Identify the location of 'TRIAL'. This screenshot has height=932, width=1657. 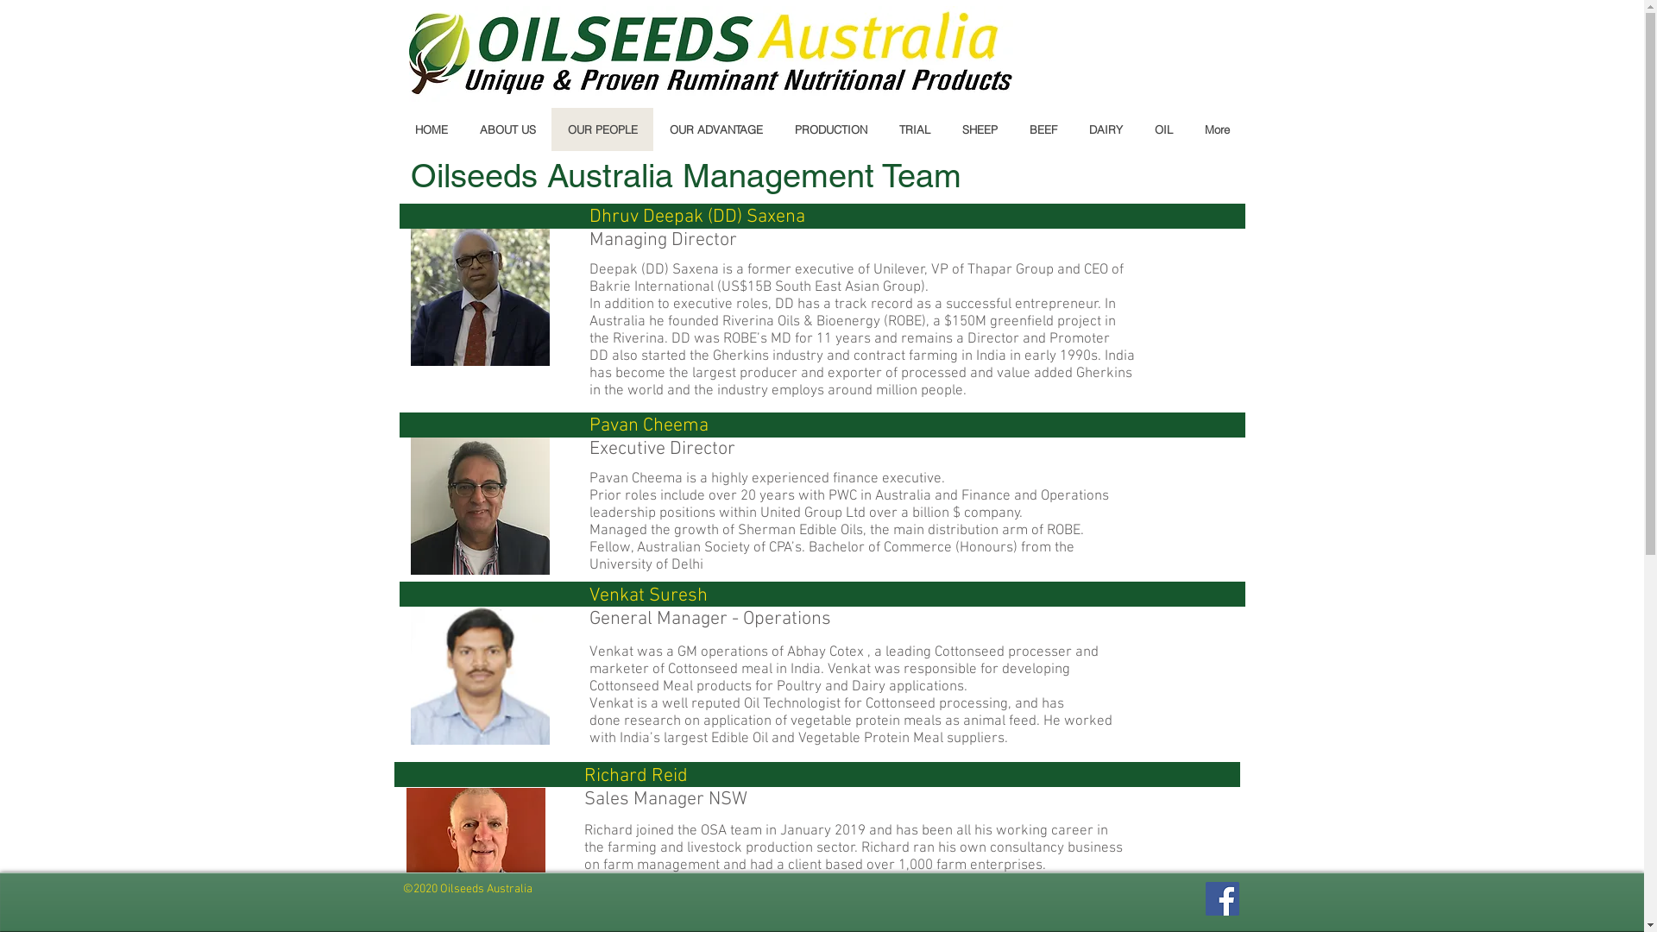
(912, 129).